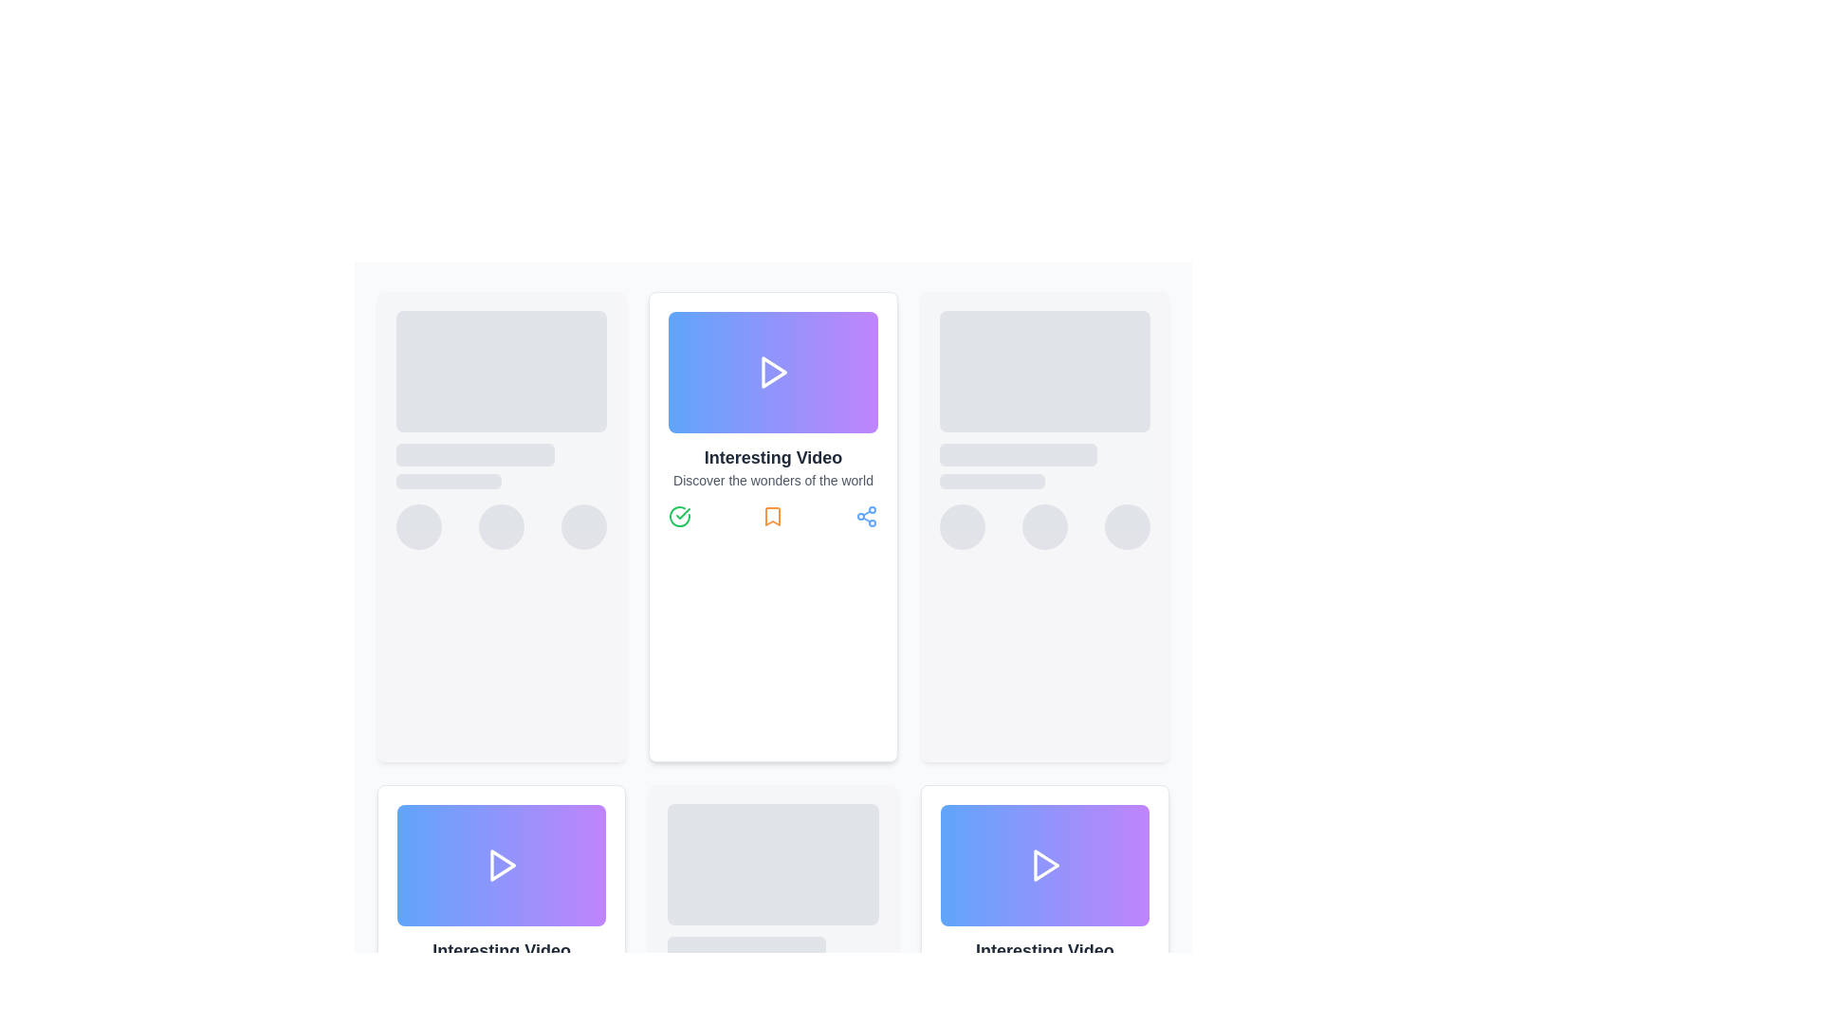 The width and height of the screenshot is (1821, 1024). Describe the element at coordinates (502, 950) in the screenshot. I see `the heading text label displaying 'Interesting Video' in bold and large dark gray font to select it` at that location.